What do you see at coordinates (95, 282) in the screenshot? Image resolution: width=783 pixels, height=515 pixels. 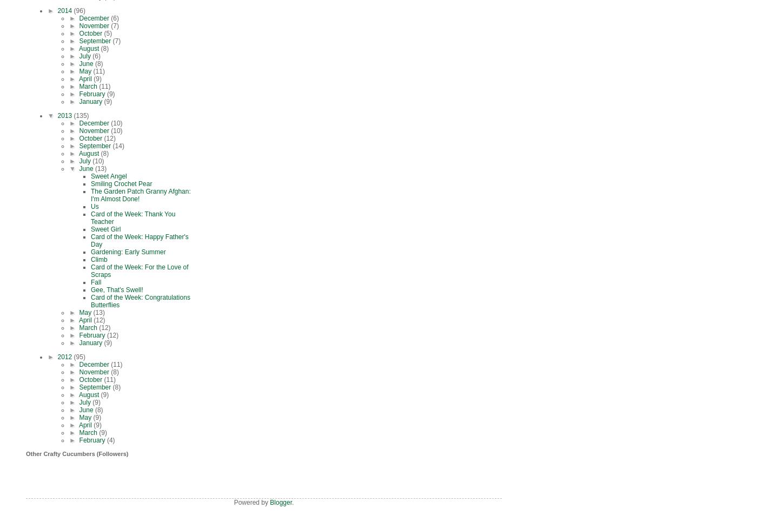 I see `'Fall'` at bounding box center [95, 282].